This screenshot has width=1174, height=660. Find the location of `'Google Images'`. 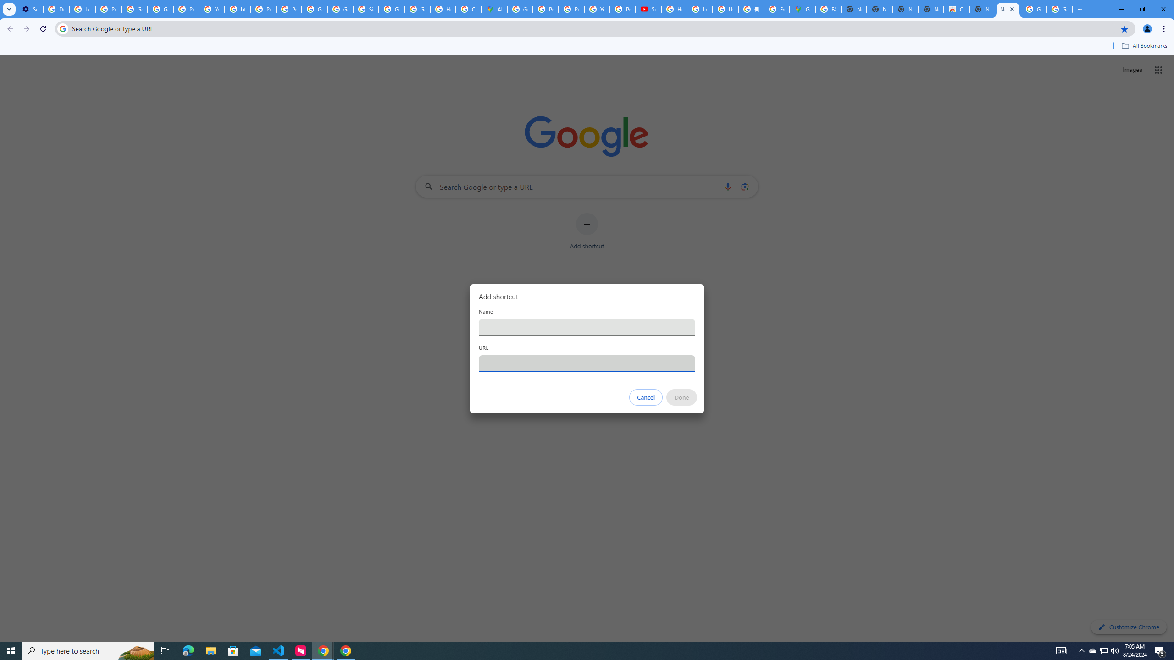

'Google Images' is located at coordinates (1059, 9).